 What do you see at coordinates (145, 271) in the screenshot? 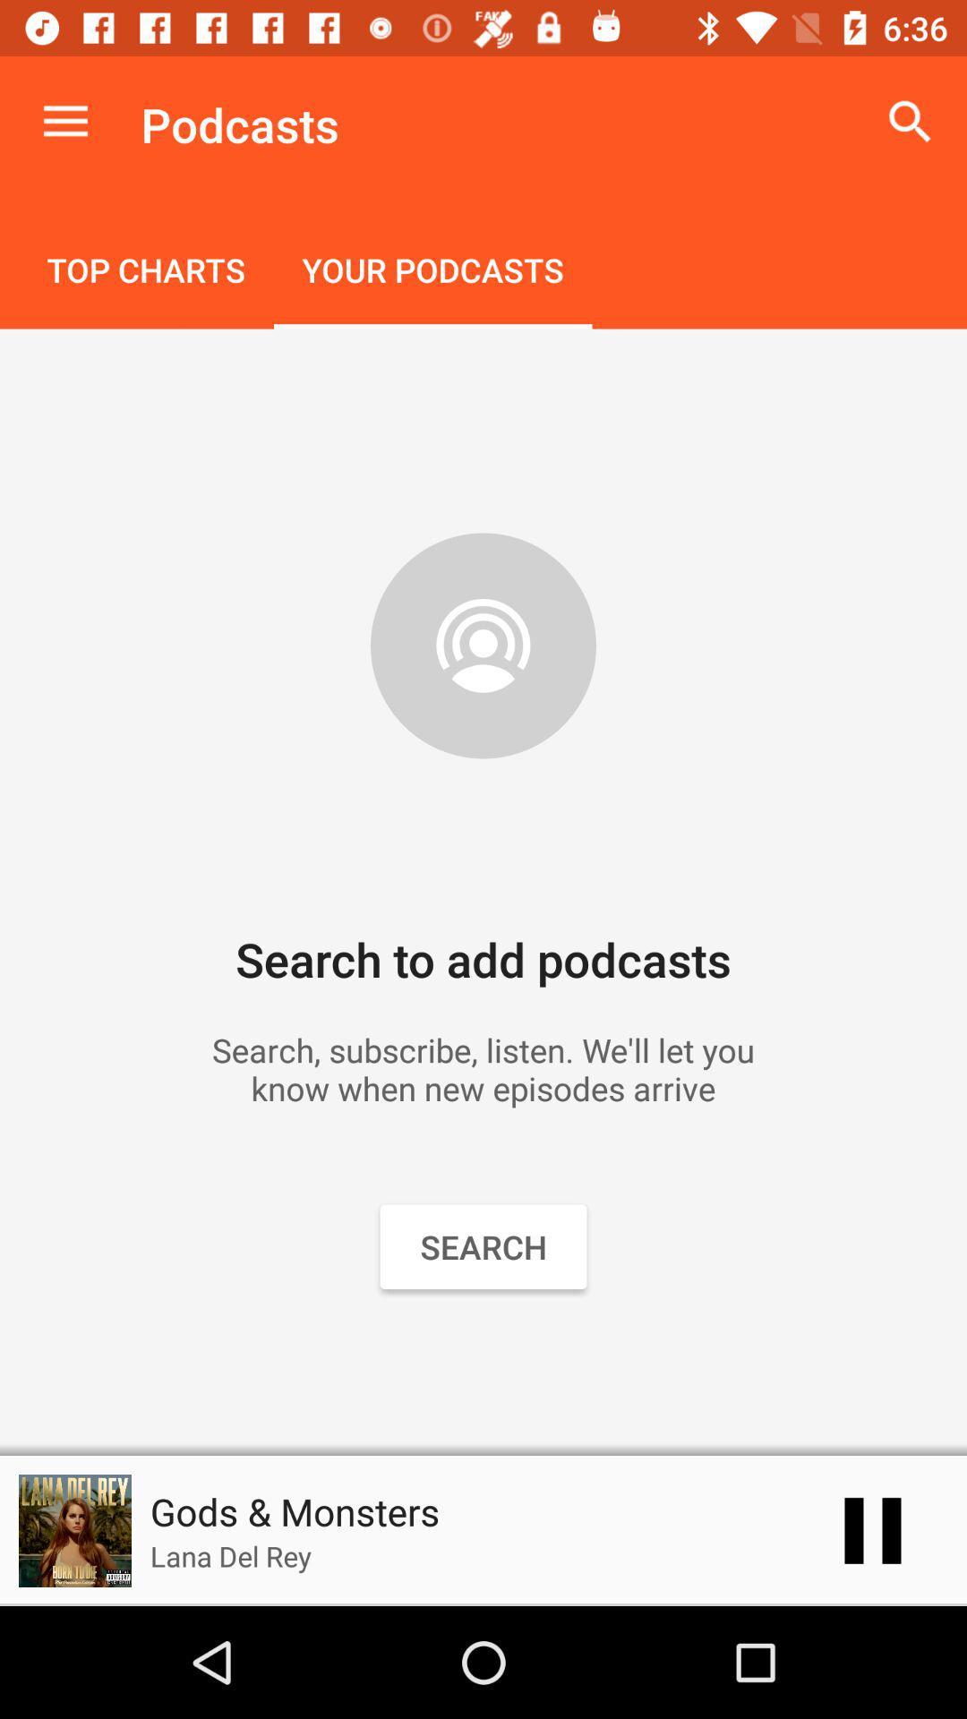
I see `the icon above search to add` at bounding box center [145, 271].